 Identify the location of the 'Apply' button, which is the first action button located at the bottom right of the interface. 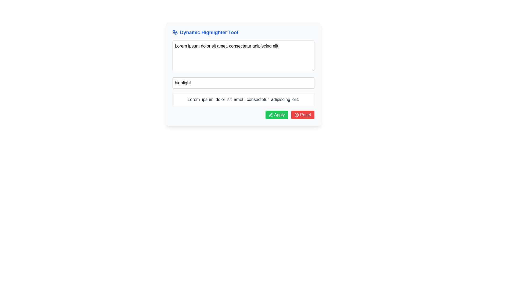
(277, 115).